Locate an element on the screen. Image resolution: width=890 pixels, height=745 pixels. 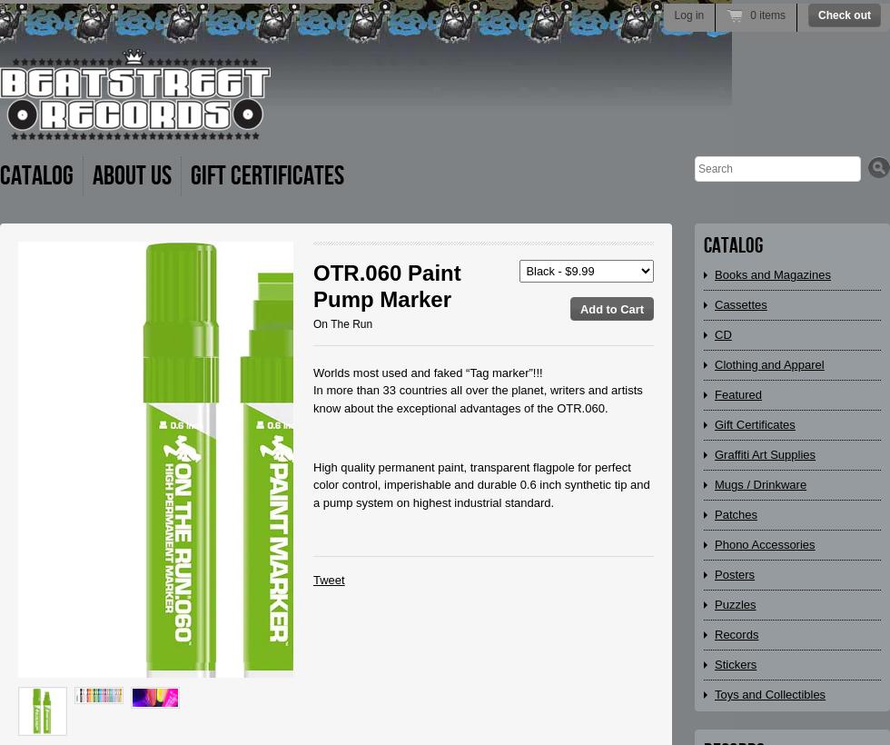
'Patches' is located at coordinates (735, 514).